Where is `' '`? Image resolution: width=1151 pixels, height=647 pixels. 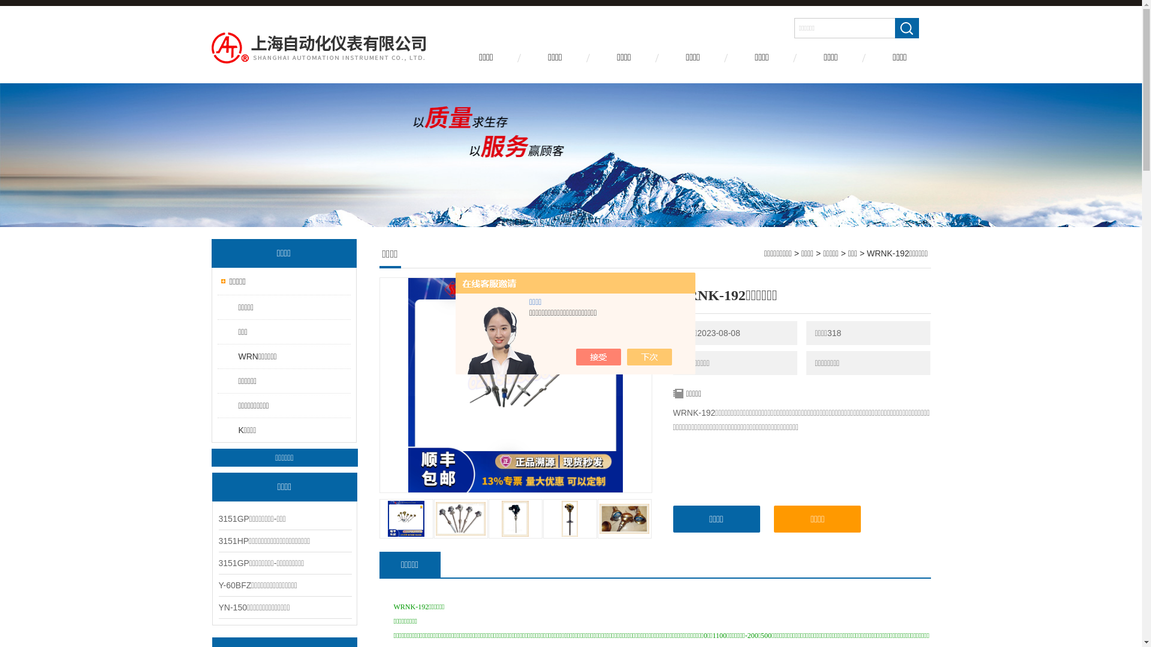
' ' is located at coordinates (906, 27).